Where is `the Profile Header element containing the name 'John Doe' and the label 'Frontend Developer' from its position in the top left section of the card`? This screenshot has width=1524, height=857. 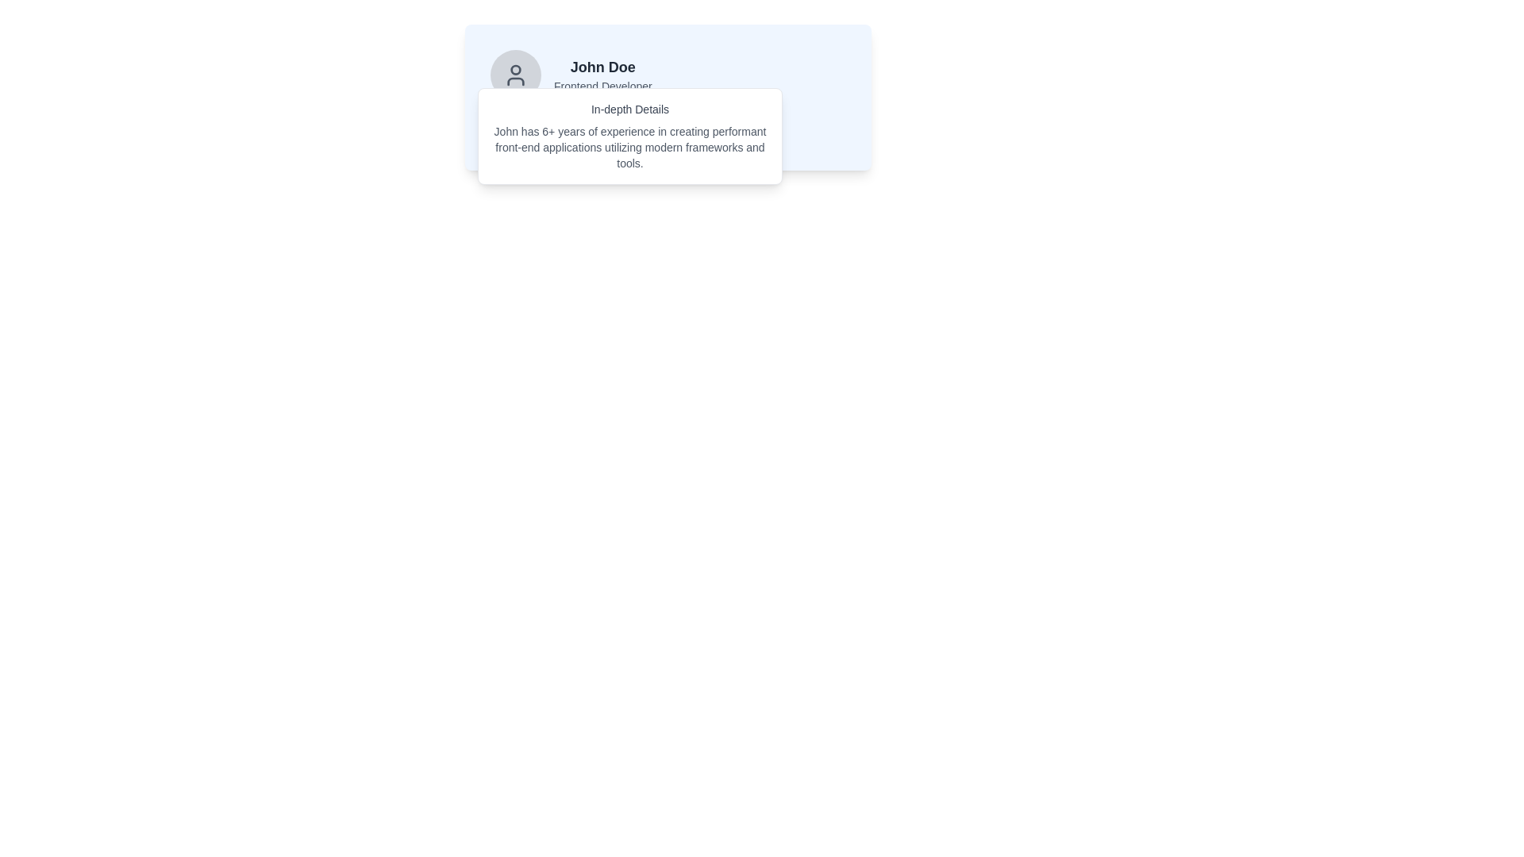
the Profile Header element containing the name 'John Doe' and the label 'Frontend Developer' from its position in the top left section of the card is located at coordinates (668, 75).